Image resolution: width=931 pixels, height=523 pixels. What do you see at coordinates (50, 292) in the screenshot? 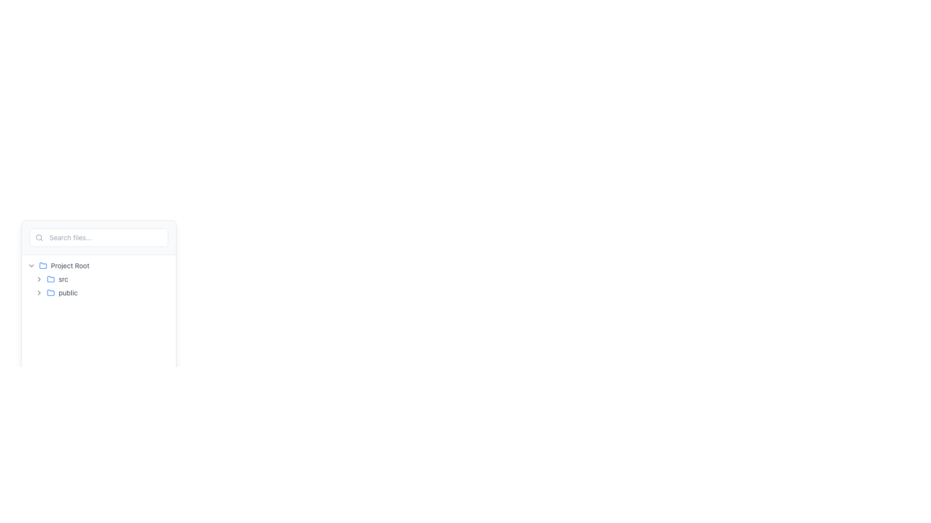
I see `the 'public' directory icon in the navigation panel` at bounding box center [50, 292].